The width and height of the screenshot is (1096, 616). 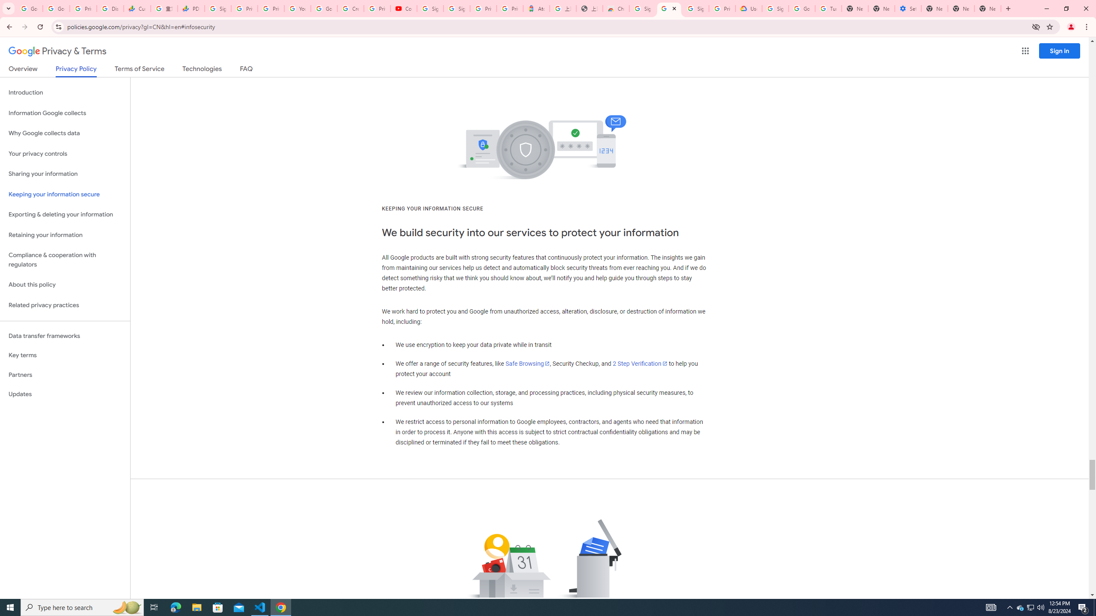 I want to click on 'Sign in - Google Accounts', so click(x=695, y=8).